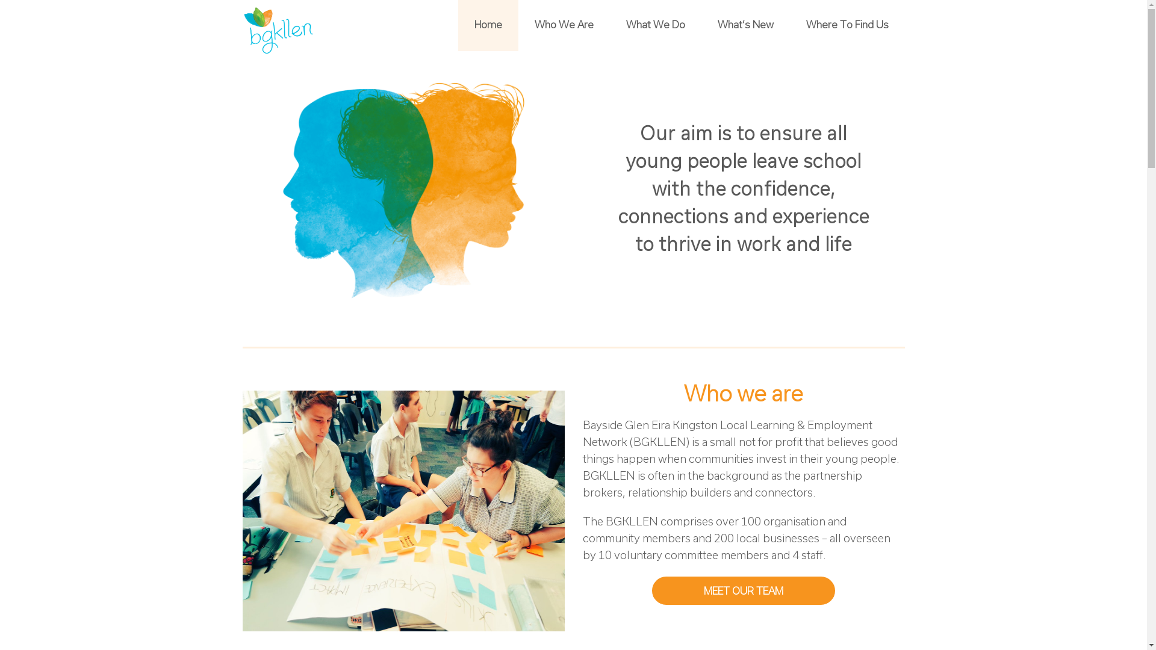 The height and width of the screenshot is (650, 1156). I want to click on 'What We Do', so click(654, 25).